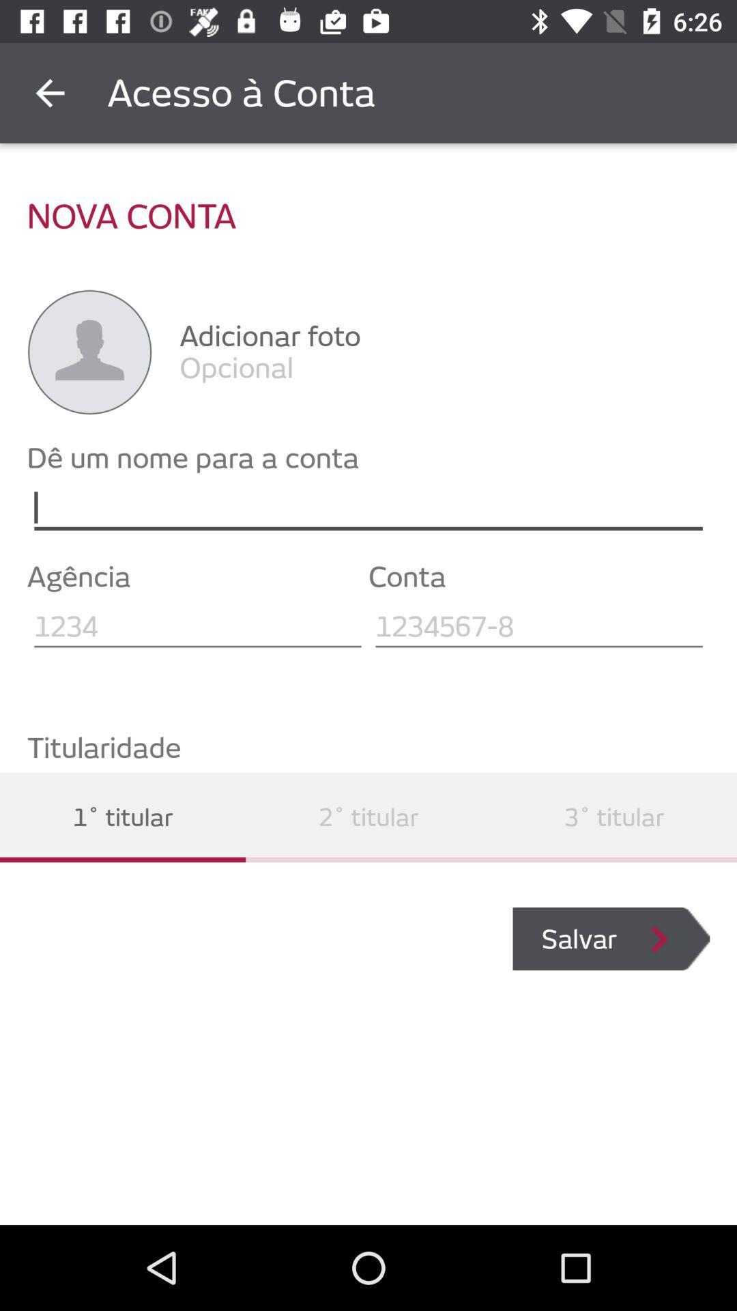 This screenshot has height=1311, width=737. Describe the element at coordinates (538, 626) in the screenshot. I see `text in text field` at that location.